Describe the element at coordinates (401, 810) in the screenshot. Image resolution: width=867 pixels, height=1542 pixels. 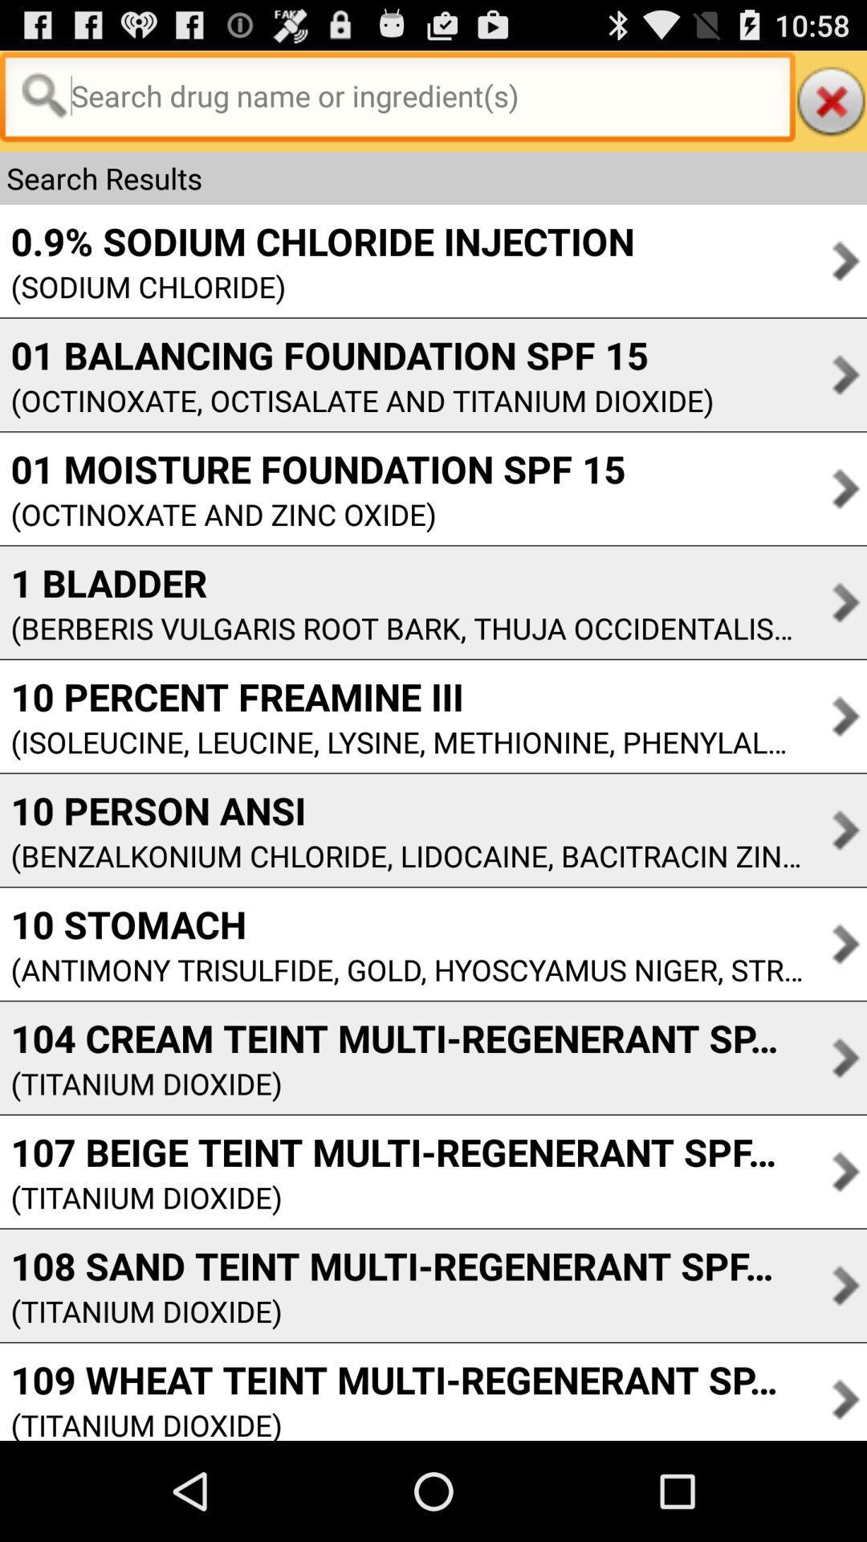
I see `the 10 person ansi icon` at that location.